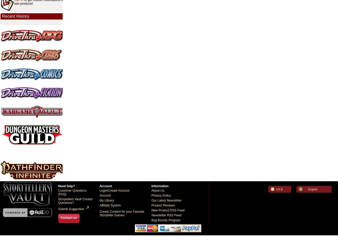 This screenshot has width=338, height=240. I want to click on 'Storytellers Vault Creator Questions?', so click(75, 201).